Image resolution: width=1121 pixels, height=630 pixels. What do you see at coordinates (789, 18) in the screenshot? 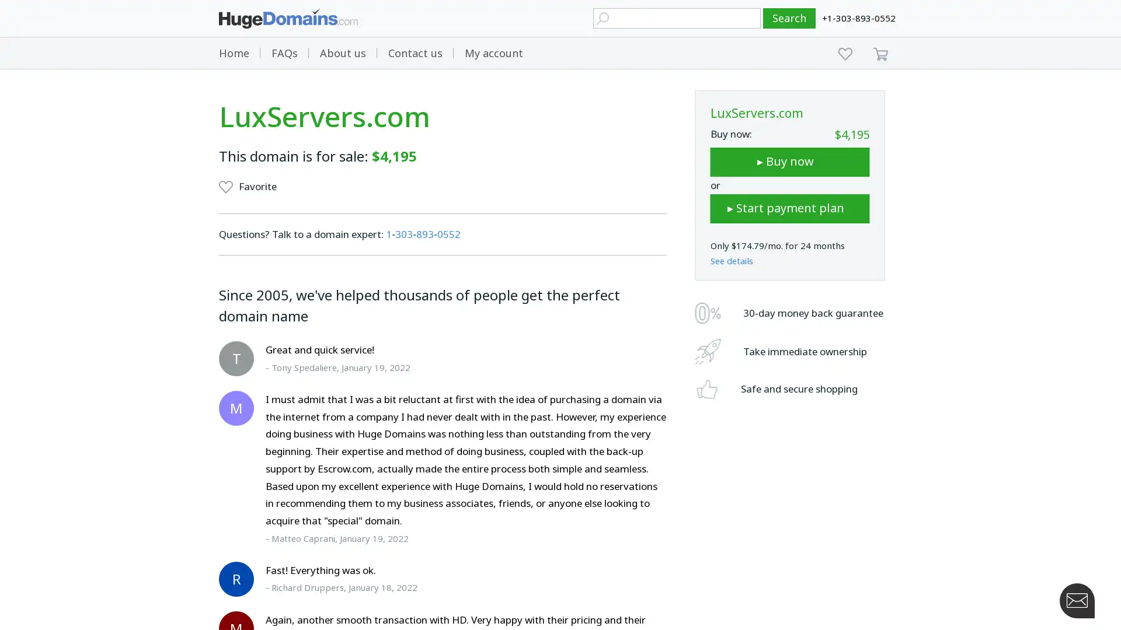
I see `Search` at bounding box center [789, 18].